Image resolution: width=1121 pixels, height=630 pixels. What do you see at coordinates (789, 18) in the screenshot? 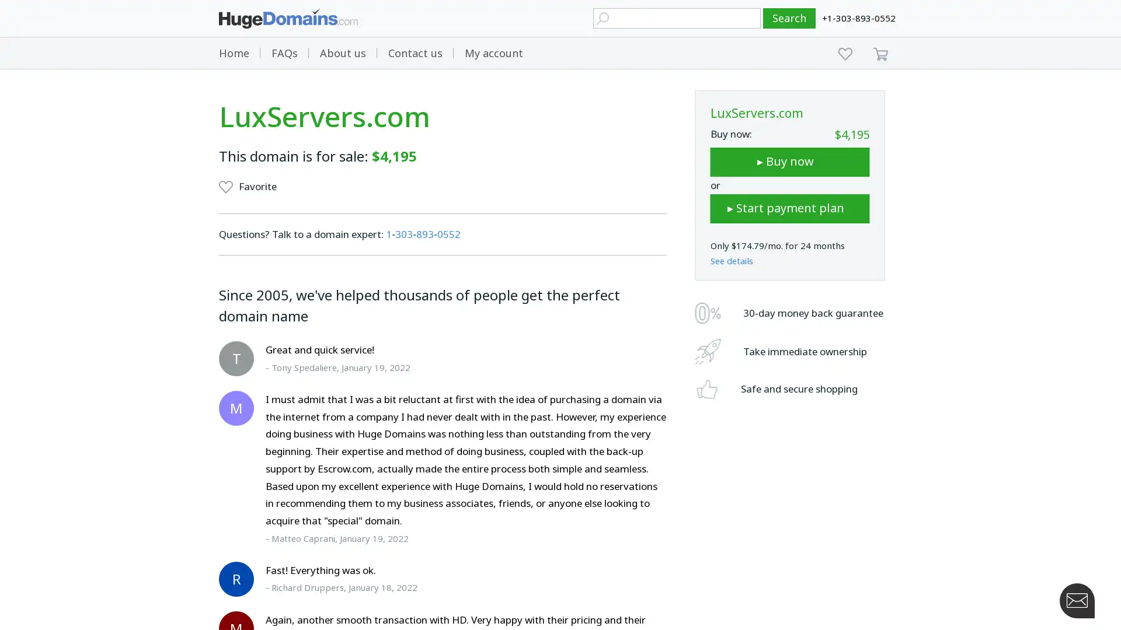
I see `Search` at bounding box center [789, 18].